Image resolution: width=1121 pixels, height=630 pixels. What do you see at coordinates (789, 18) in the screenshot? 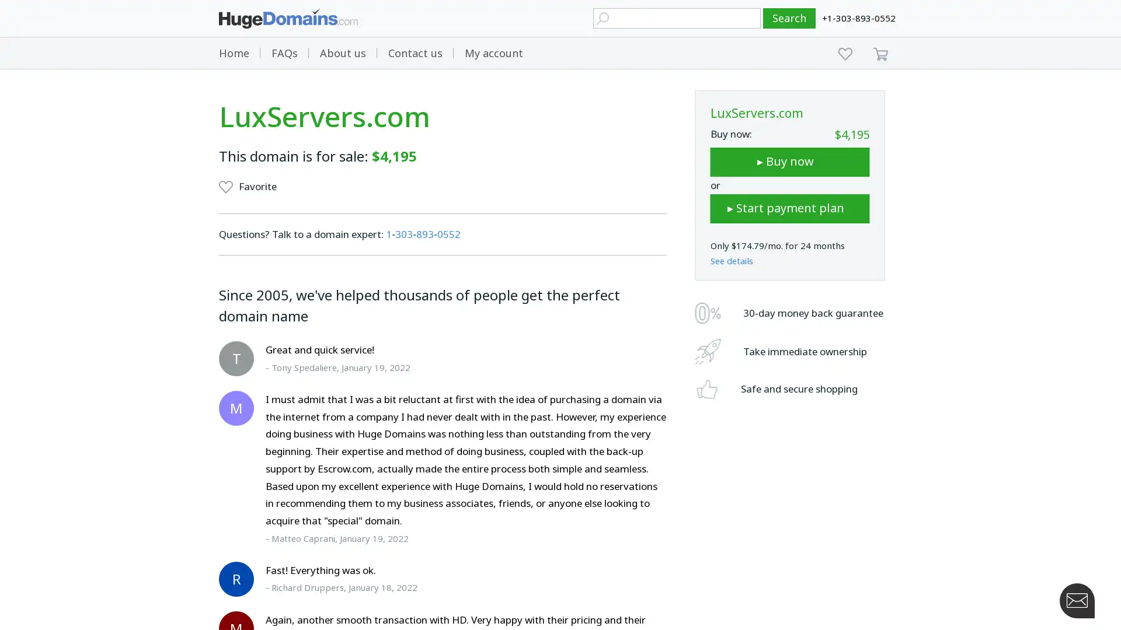
I see `Search` at bounding box center [789, 18].